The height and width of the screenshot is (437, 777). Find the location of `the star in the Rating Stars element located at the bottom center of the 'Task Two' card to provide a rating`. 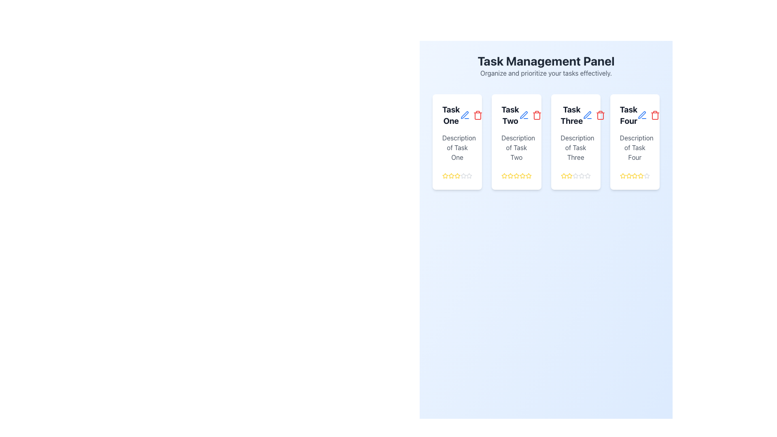

the star in the Rating Stars element located at the bottom center of the 'Task Two' card to provide a rating is located at coordinates (516, 176).